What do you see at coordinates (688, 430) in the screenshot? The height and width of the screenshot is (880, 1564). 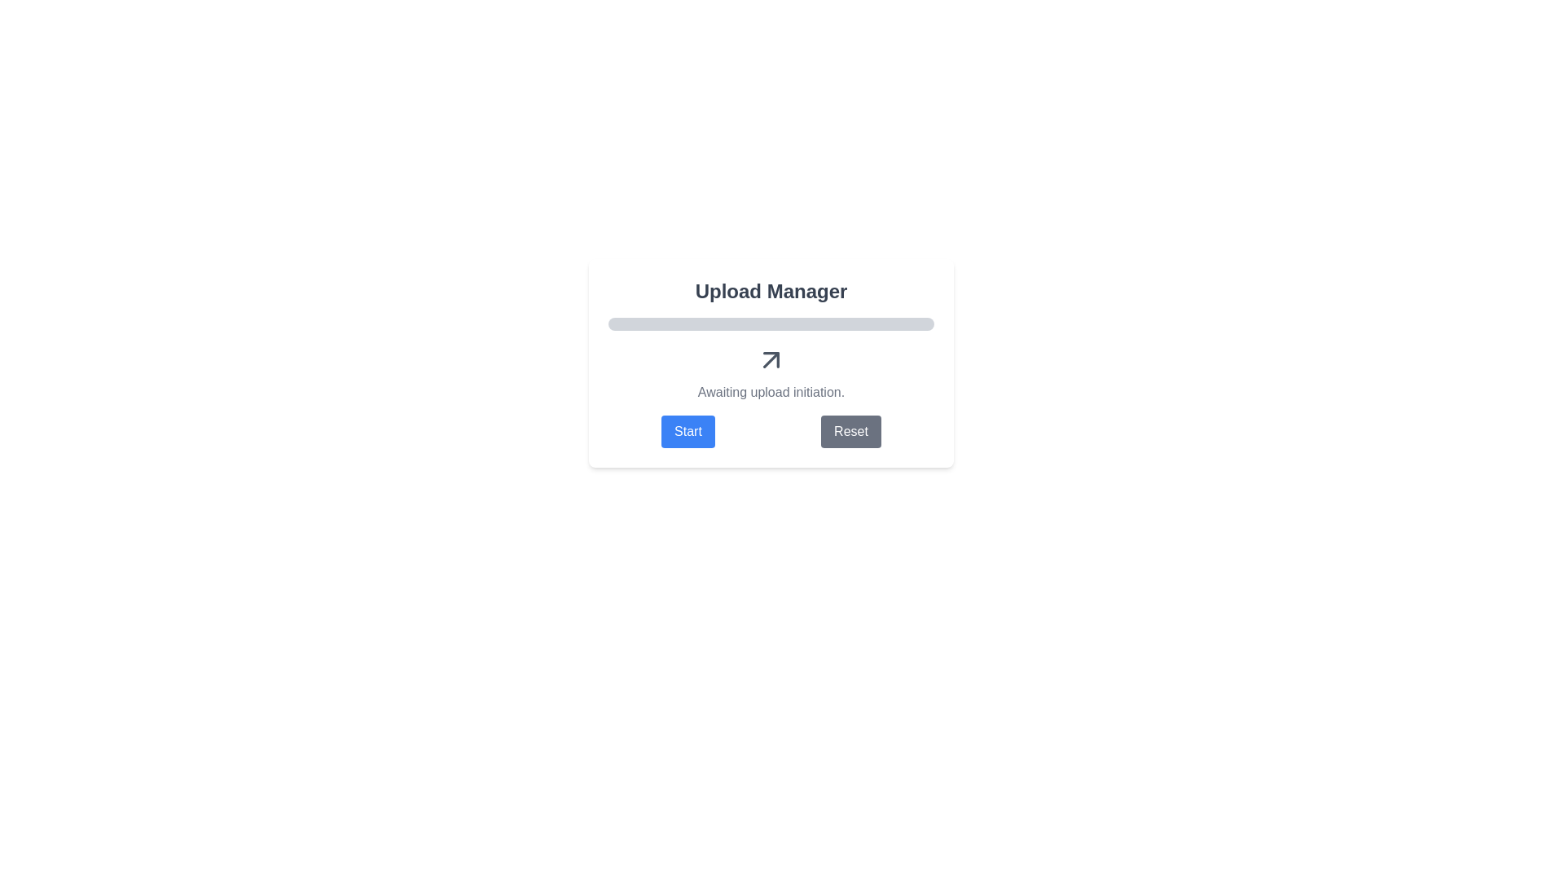 I see `the blue 'Start' button with white text to initiate the action` at bounding box center [688, 430].